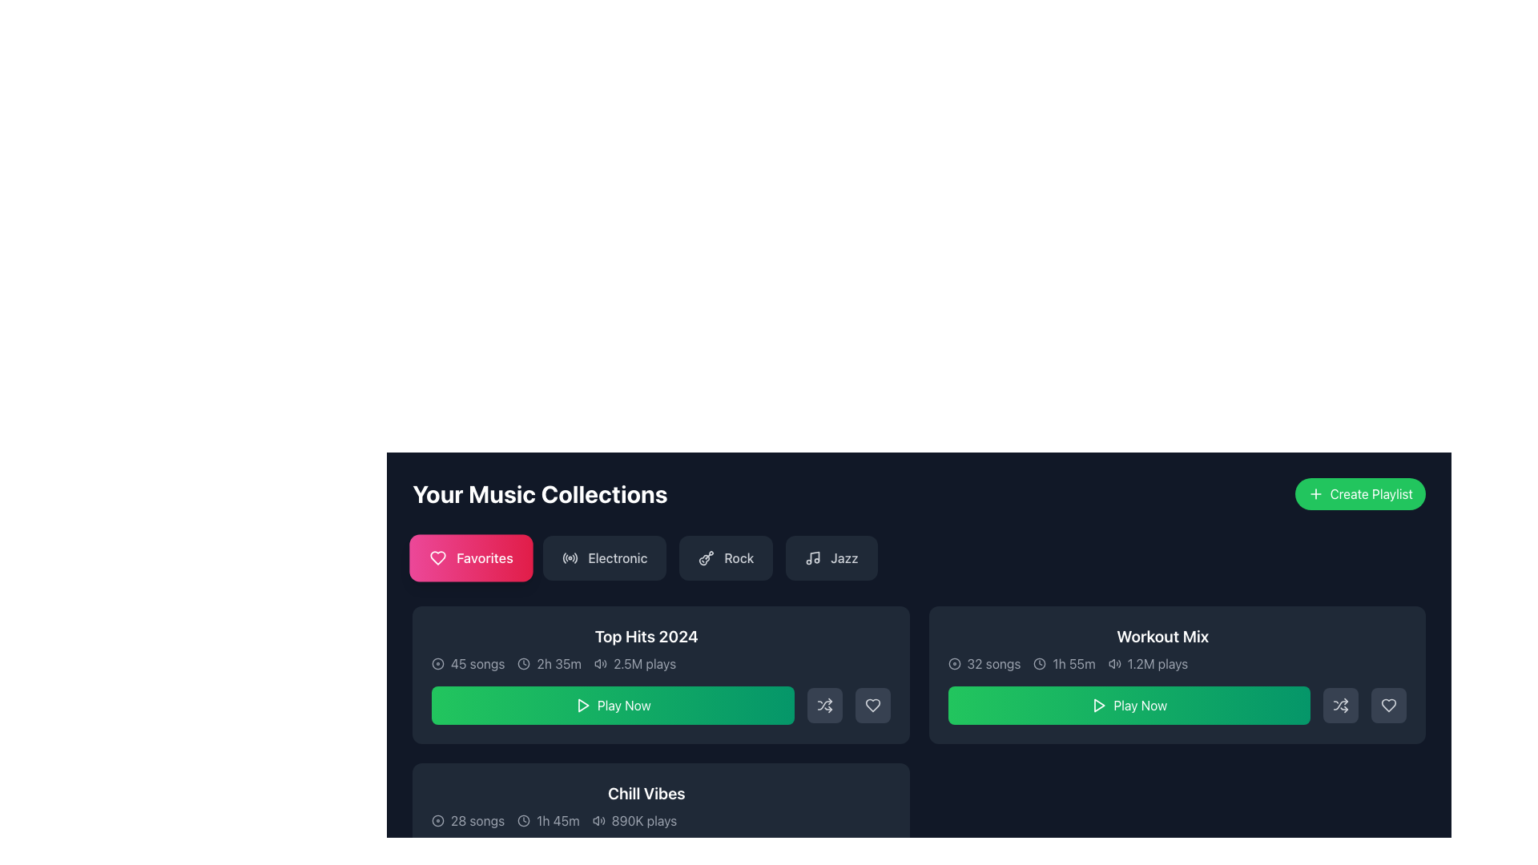 Image resolution: width=1538 pixels, height=865 pixels. I want to click on the 'Jazz' text label inside the dark rectangular button, so click(843, 557).